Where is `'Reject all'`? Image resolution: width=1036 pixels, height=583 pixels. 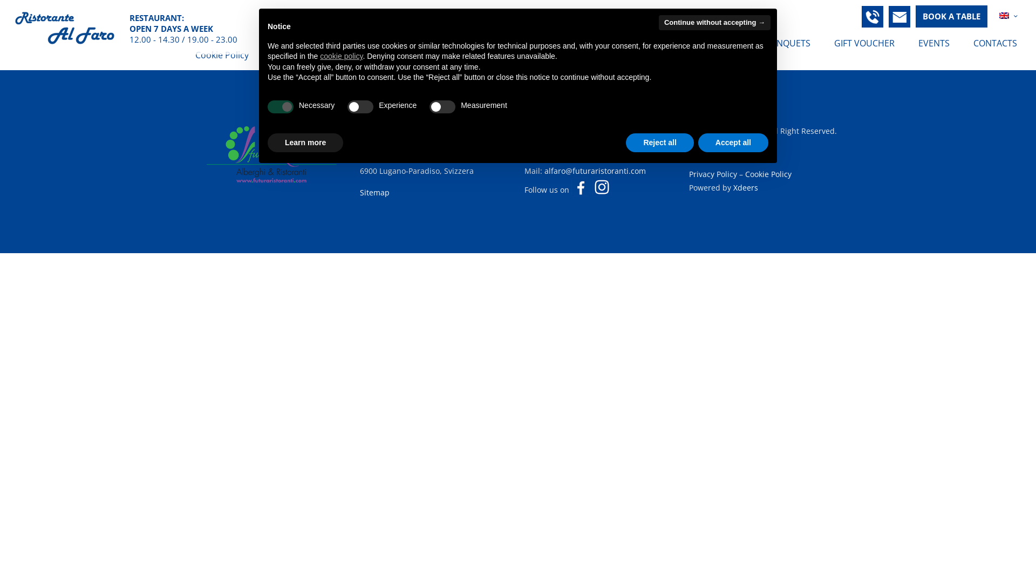 'Reject all' is located at coordinates (659, 143).